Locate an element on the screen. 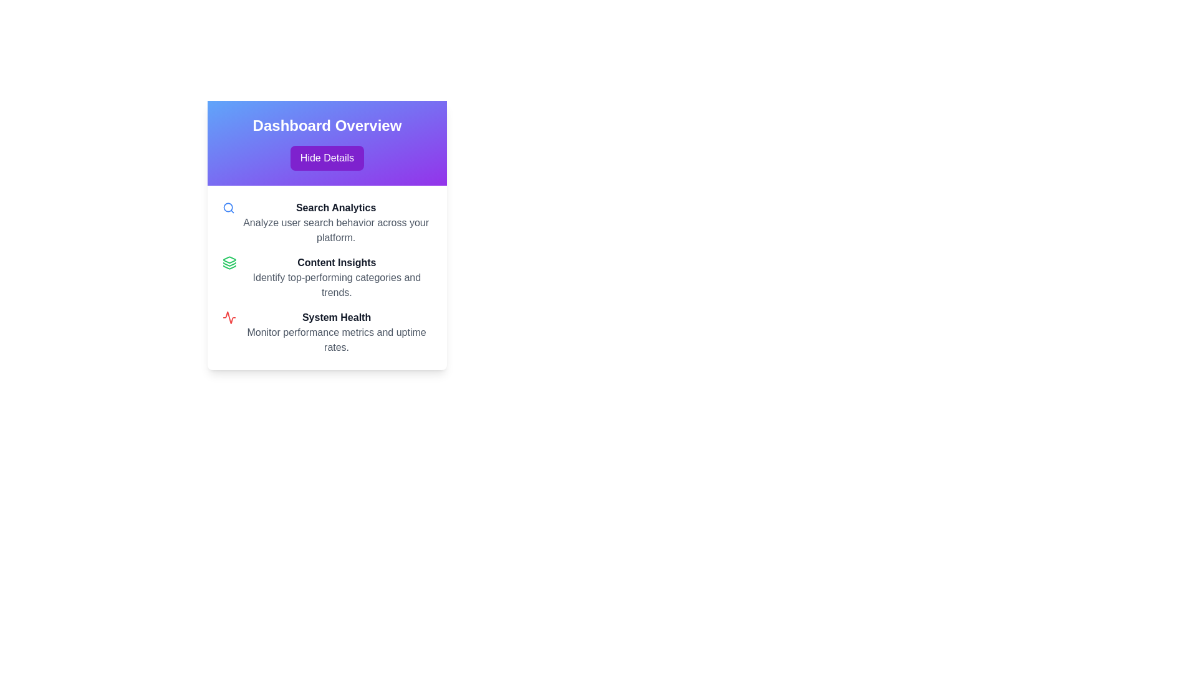  the non-interactive label or heading that serves as a title for 'Content Insights' located at the center of the interface is located at coordinates (337, 262).